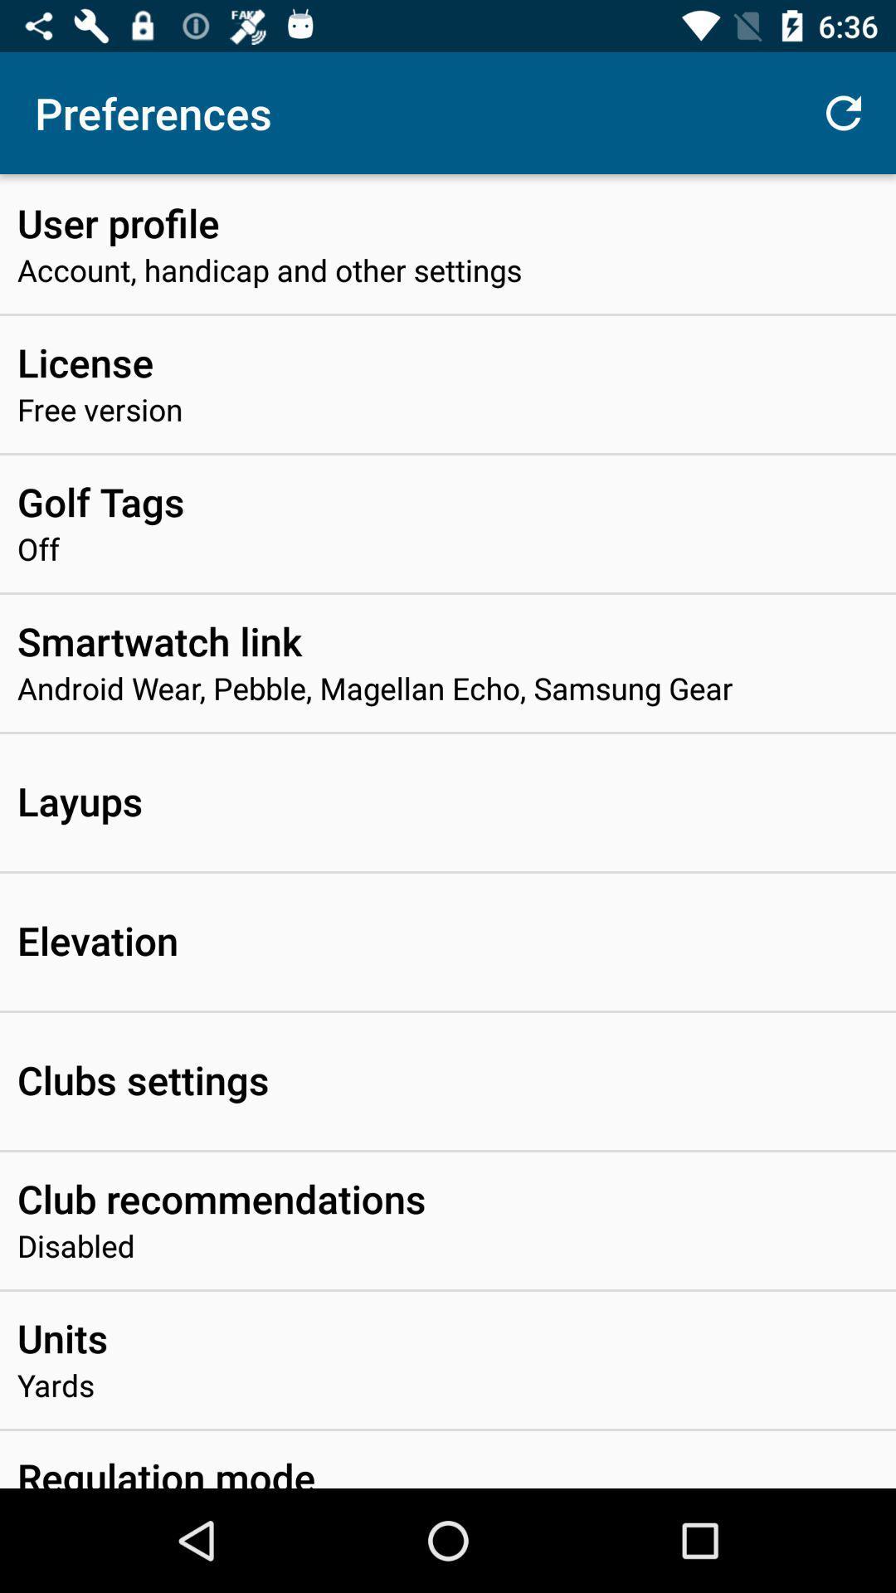 The width and height of the screenshot is (896, 1593). What do you see at coordinates (844, 112) in the screenshot?
I see `the icon to the right of the preferences` at bounding box center [844, 112].